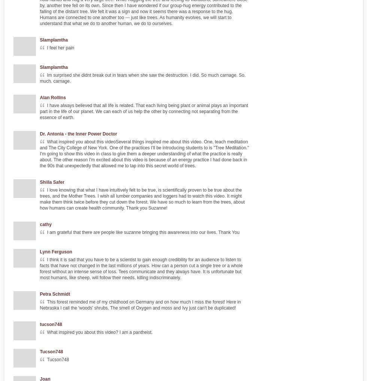 Image resolution: width=367 pixels, height=381 pixels. Describe the element at coordinates (142, 77) in the screenshot. I see `'Im surprised she didnt break out in tears when she saw the destruction. I did. So much carnage. So. much. carnage.'` at that location.